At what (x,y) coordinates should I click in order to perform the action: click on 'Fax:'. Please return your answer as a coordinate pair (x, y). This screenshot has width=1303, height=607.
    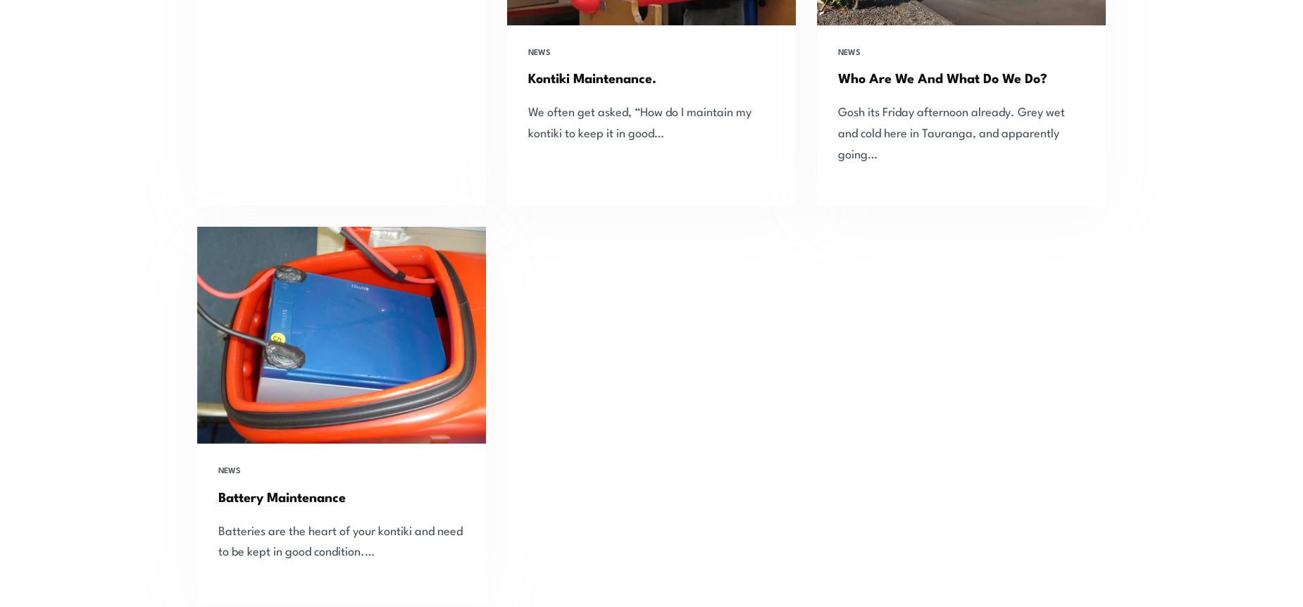
    Looking at the image, I should click on (956, 576).